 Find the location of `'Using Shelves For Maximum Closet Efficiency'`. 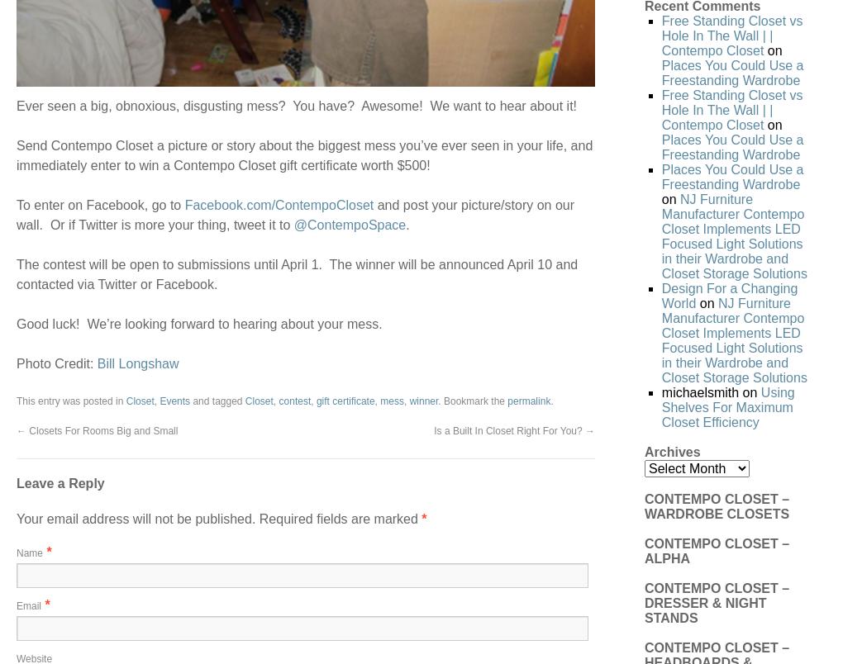

'Using Shelves For Maximum Closet Efficiency' is located at coordinates (726, 406).